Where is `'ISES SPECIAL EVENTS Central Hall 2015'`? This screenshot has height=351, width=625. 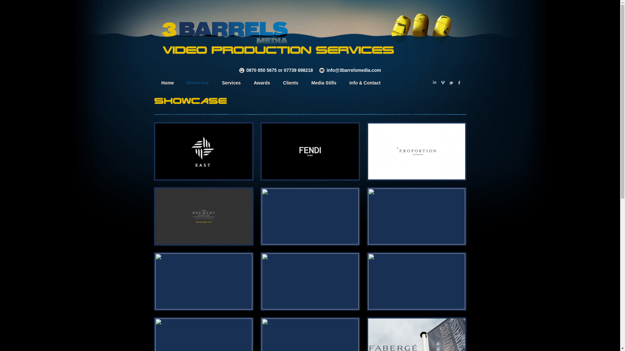
'ISES SPECIAL EVENTS Central Hall 2015' is located at coordinates (310, 281).